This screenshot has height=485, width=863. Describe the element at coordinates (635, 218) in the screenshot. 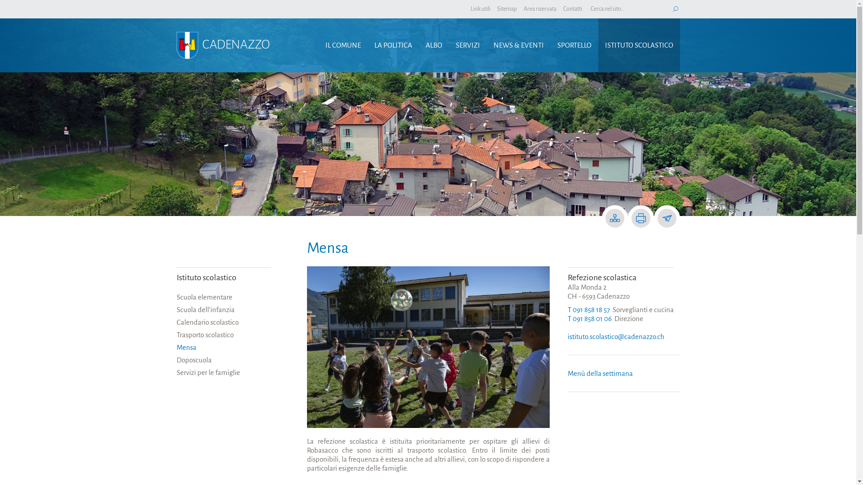

I see `'Stampa la pagina'` at that location.